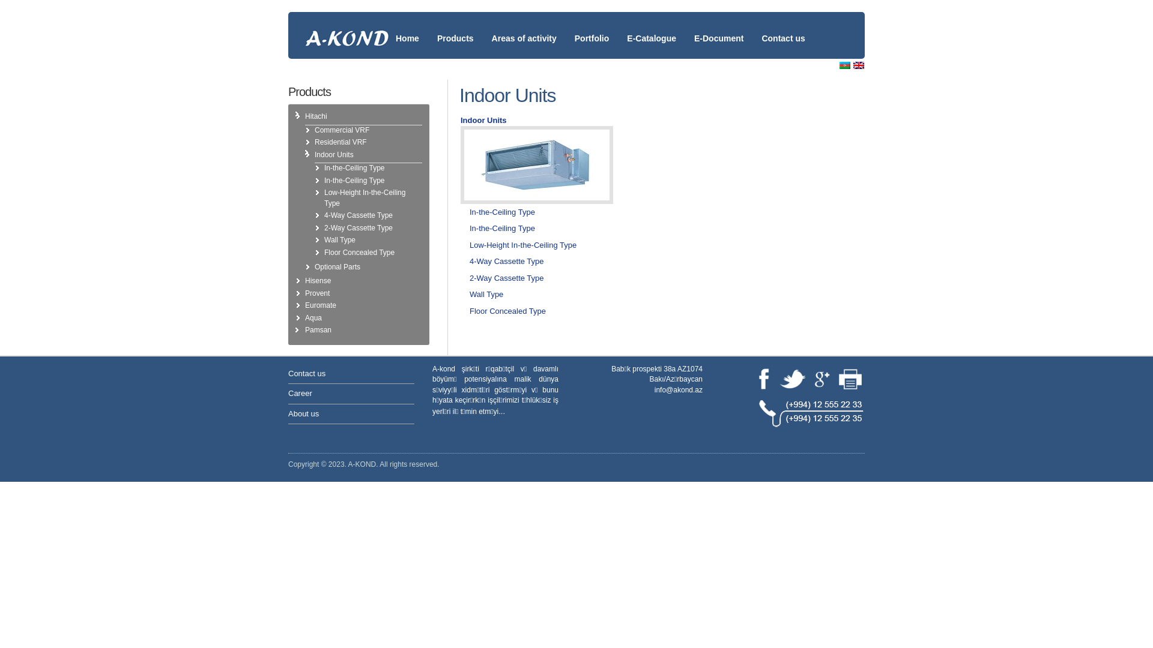 This screenshot has height=648, width=1153. What do you see at coordinates (357, 228) in the screenshot?
I see `'2-Way Cassette Type'` at bounding box center [357, 228].